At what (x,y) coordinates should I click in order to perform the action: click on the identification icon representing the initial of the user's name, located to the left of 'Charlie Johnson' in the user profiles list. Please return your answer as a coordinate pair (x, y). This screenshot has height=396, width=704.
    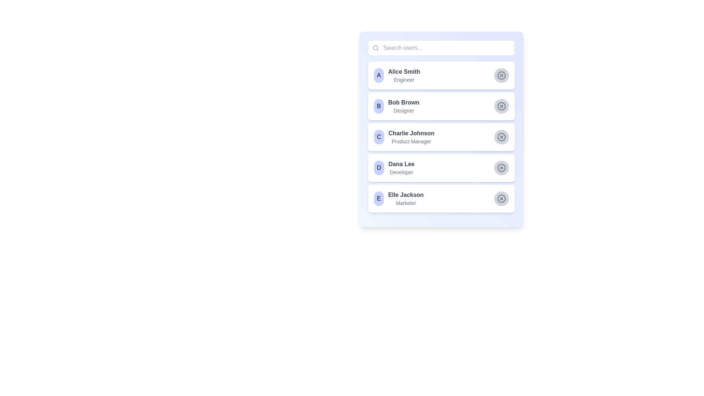
    Looking at the image, I should click on (379, 137).